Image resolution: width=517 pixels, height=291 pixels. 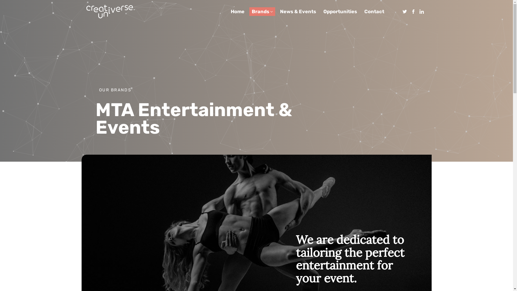 What do you see at coordinates (237, 11) in the screenshot?
I see `'Home'` at bounding box center [237, 11].